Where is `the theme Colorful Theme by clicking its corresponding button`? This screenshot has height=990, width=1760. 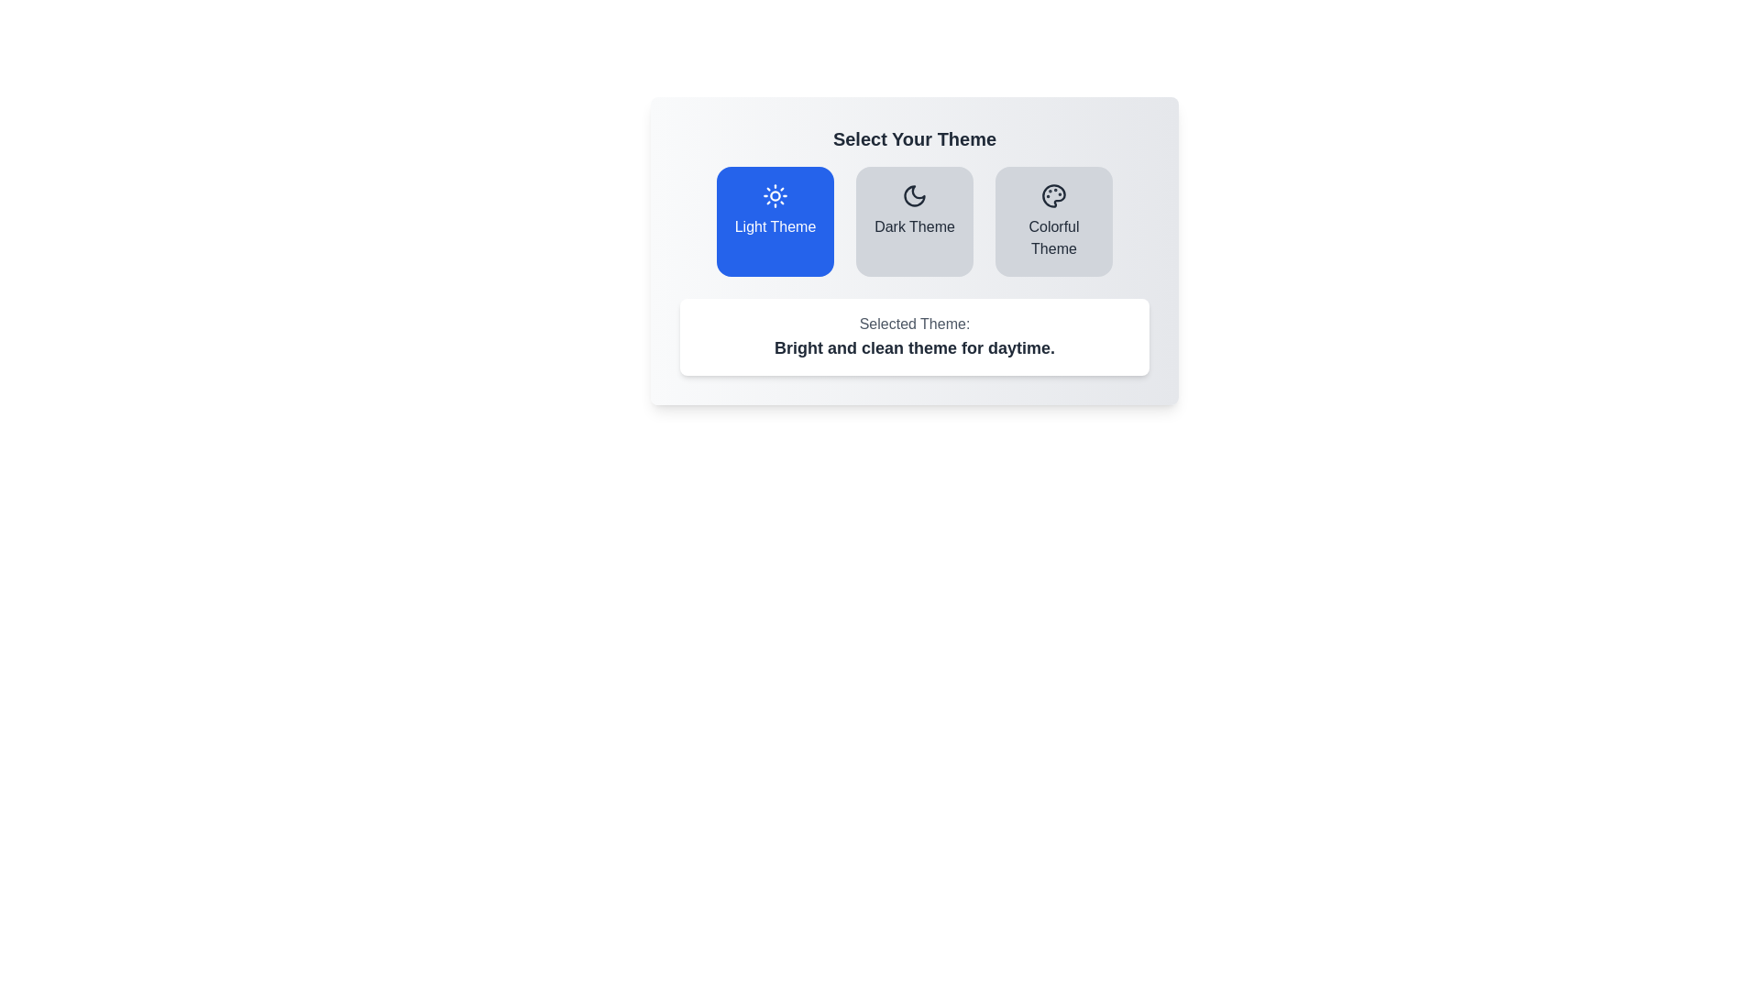
the theme Colorful Theme by clicking its corresponding button is located at coordinates (1054, 221).